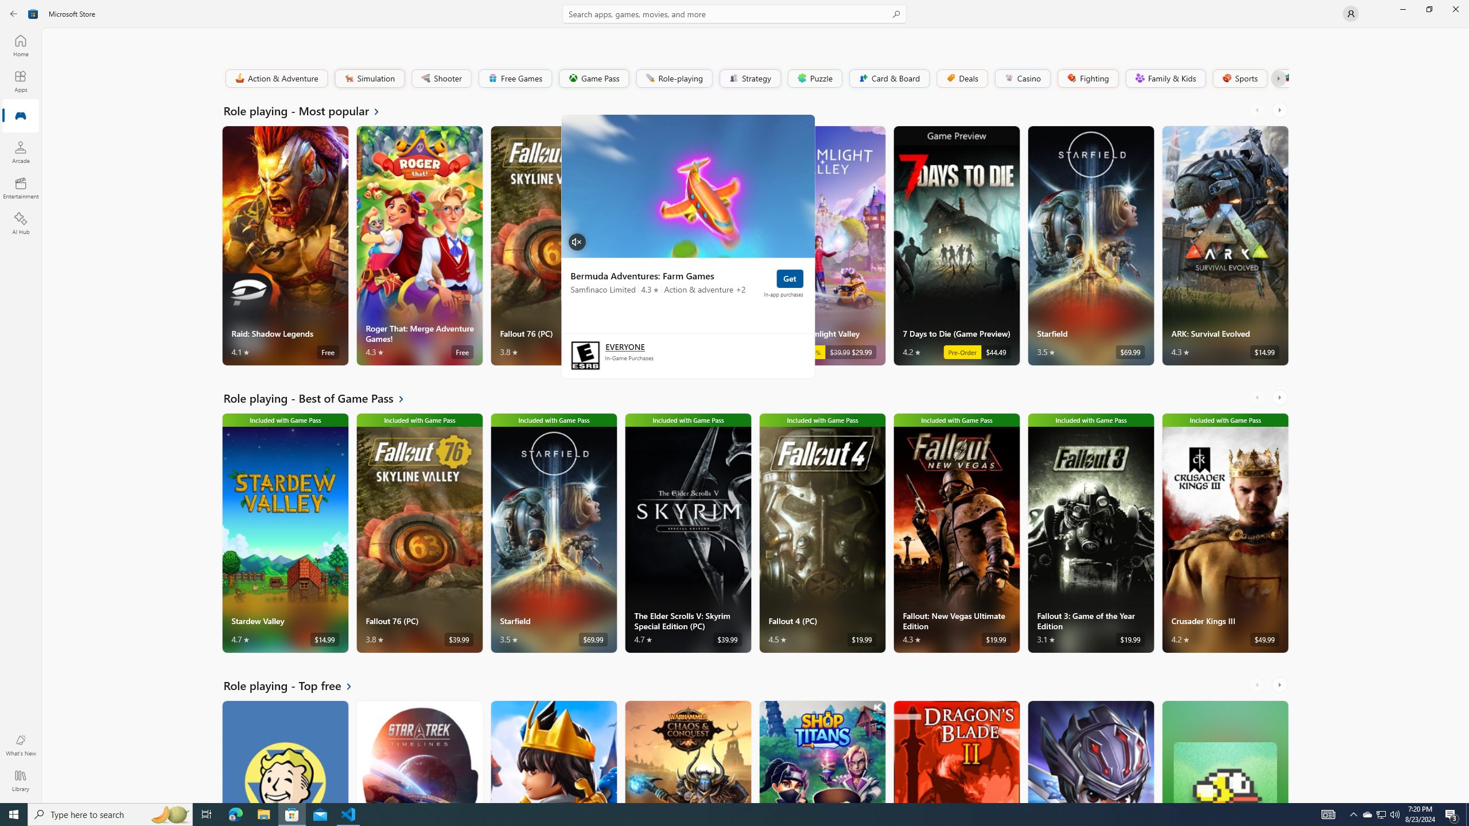 Image resolution: width=1469 pixels, height=826 pixels. I want to click on 'Starfield. Average rating of 3.5 out of five stars. $69.99  ', so click(1090, 246).